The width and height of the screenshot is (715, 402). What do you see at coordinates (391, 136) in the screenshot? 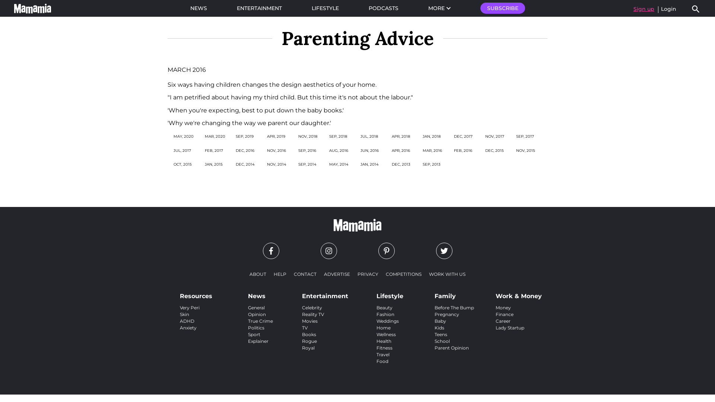
I see `'APR, 2018'` at bounding box center [391, 136].